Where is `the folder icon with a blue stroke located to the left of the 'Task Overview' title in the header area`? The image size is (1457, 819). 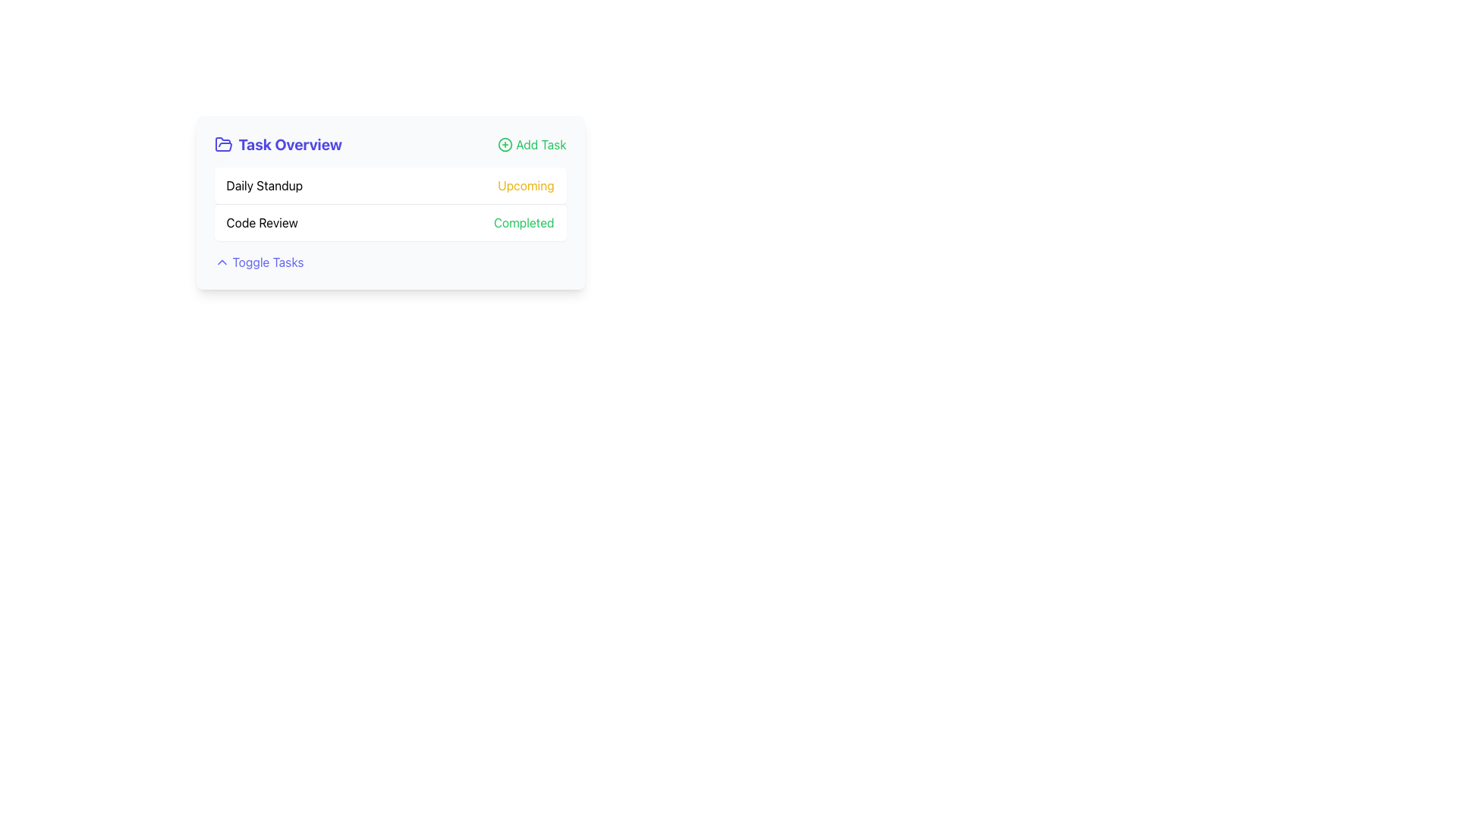 the folder icon with a blue stroke located to the left of the 'Task Overview' title in the header area is located at coordinates (222, 145).